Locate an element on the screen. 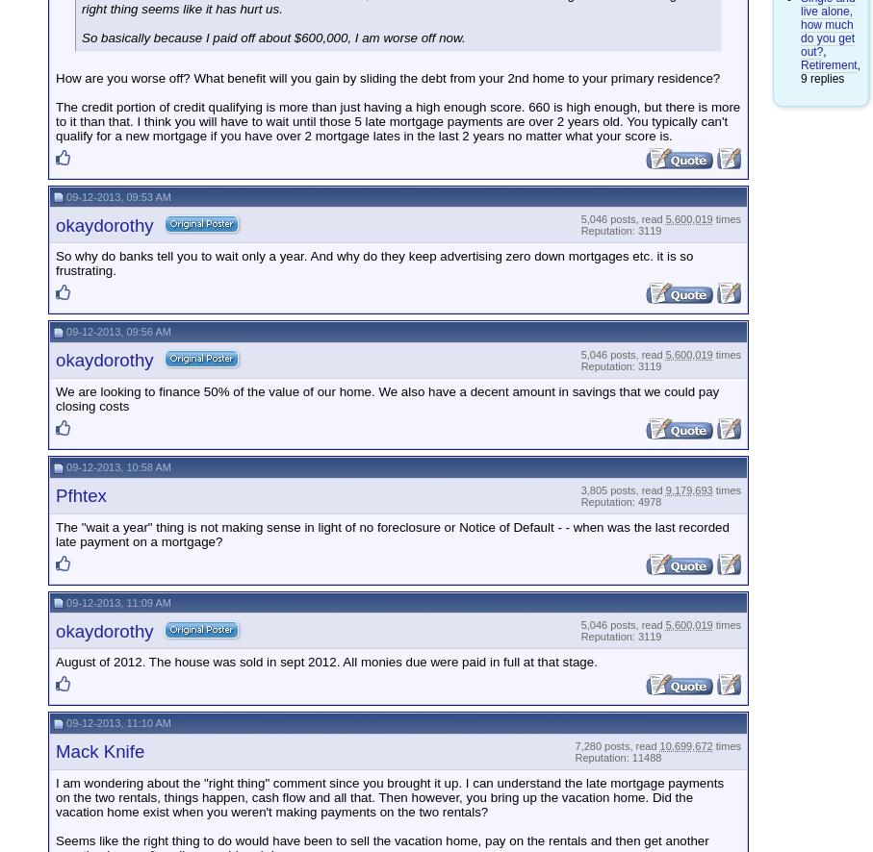  ',' is located at coordinates (823, 49).